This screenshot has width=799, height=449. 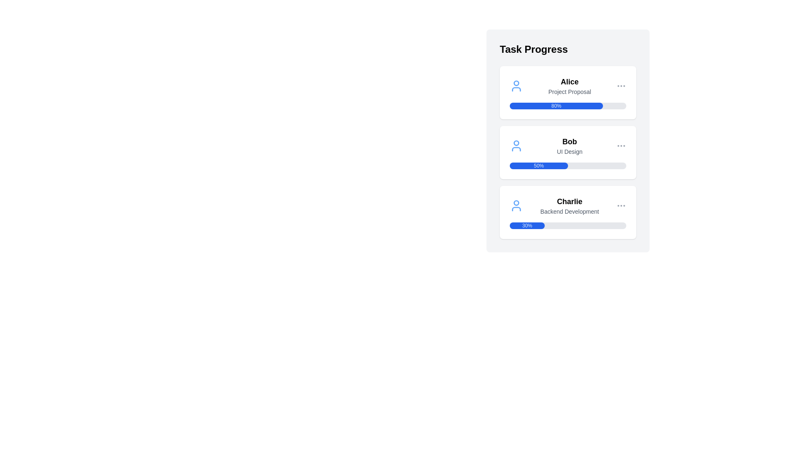 I want to click on the horizontal progress bar for 'Charlie' under 'Task Progress', which is a rounded gray background with a blue-filled bar occupying 30% and displaying '30%' in white, so click(x=567, y=226).